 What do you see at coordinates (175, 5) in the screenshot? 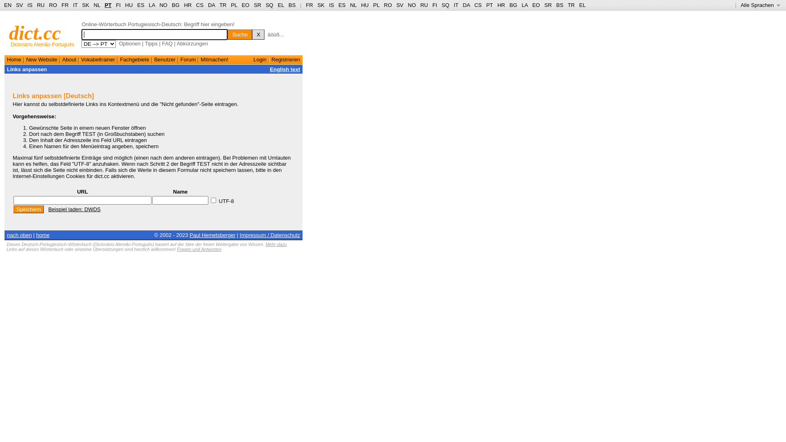
I see `'BG'` at bounding box center [175, 5].